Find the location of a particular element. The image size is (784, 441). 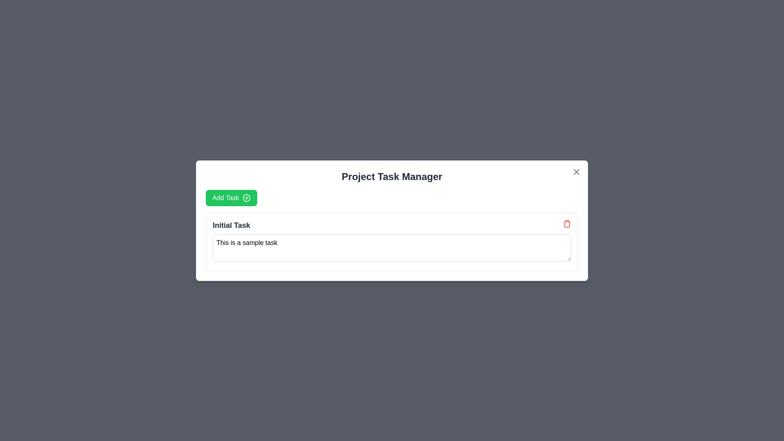

the task entry section within the 'Project Task Manager' modal is located at coordinates (392, 241).